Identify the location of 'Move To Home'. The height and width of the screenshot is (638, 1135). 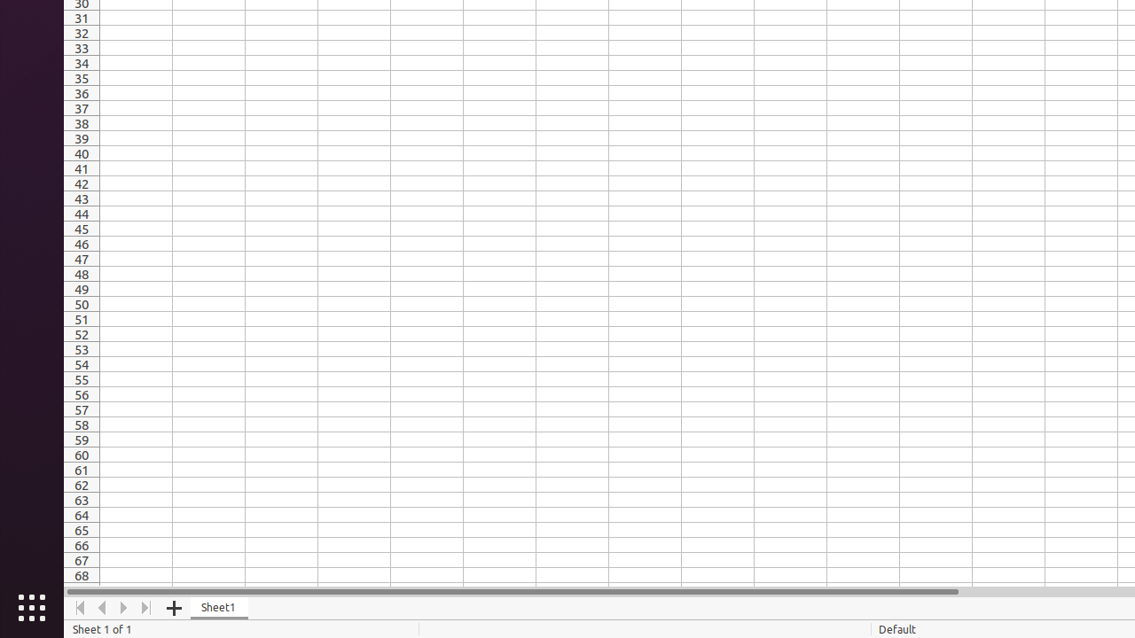
(79, 607).